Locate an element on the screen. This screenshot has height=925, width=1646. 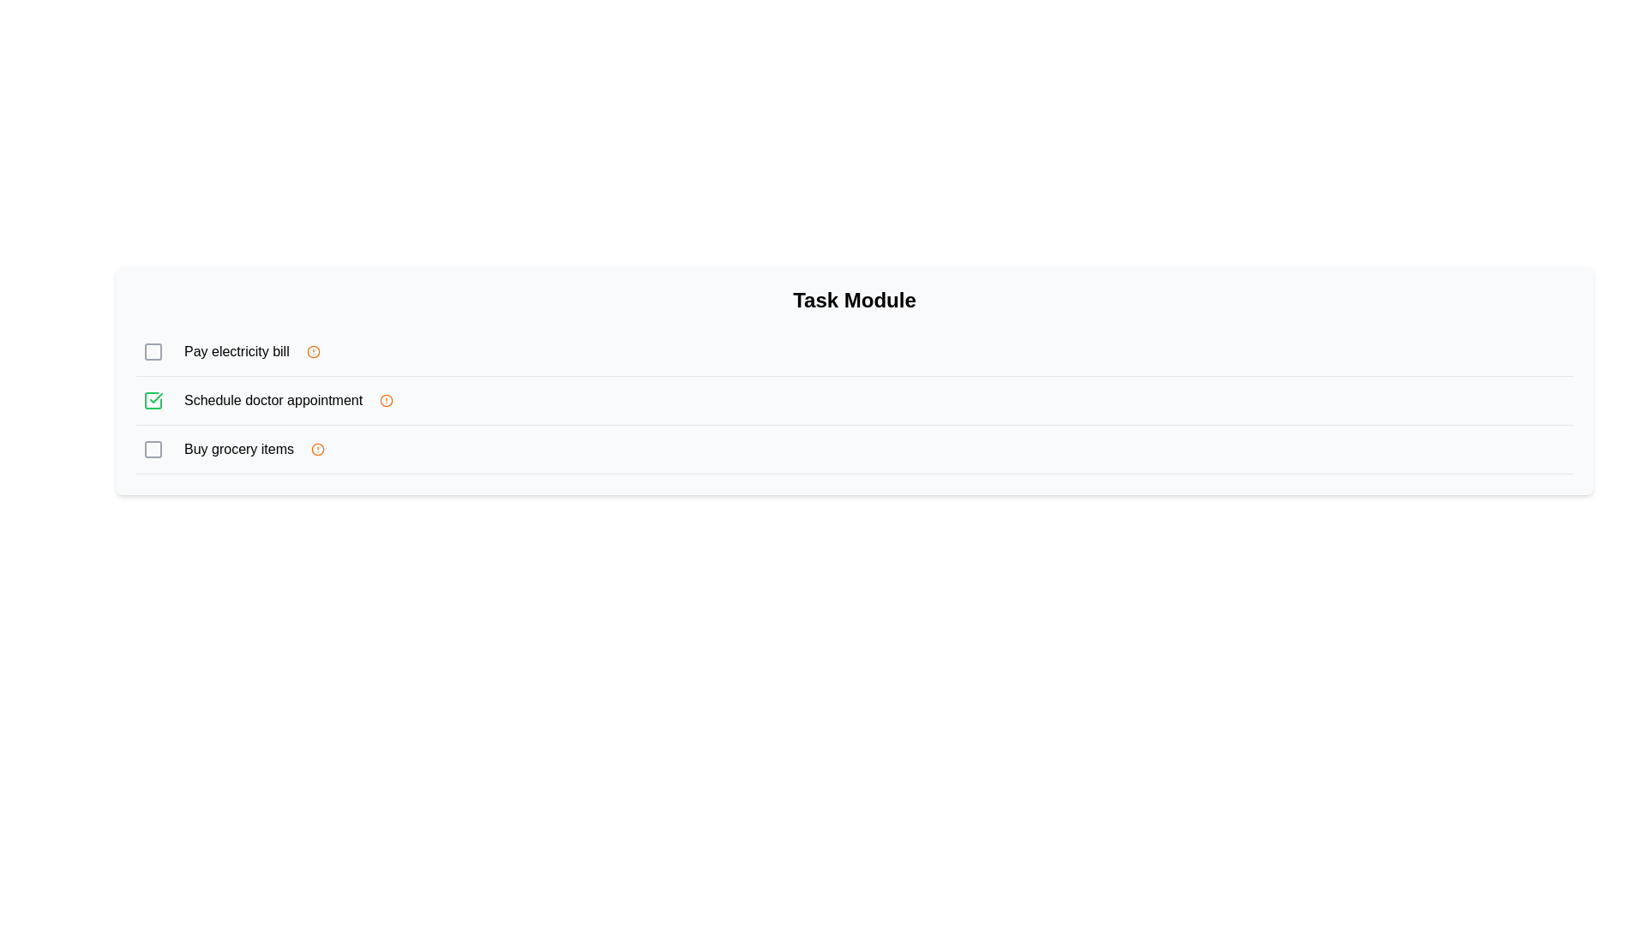
the checkbox indicator located at the far left end of the bottom-most item in the 'Buy grocery items' list is located at coordinates (153, 448).